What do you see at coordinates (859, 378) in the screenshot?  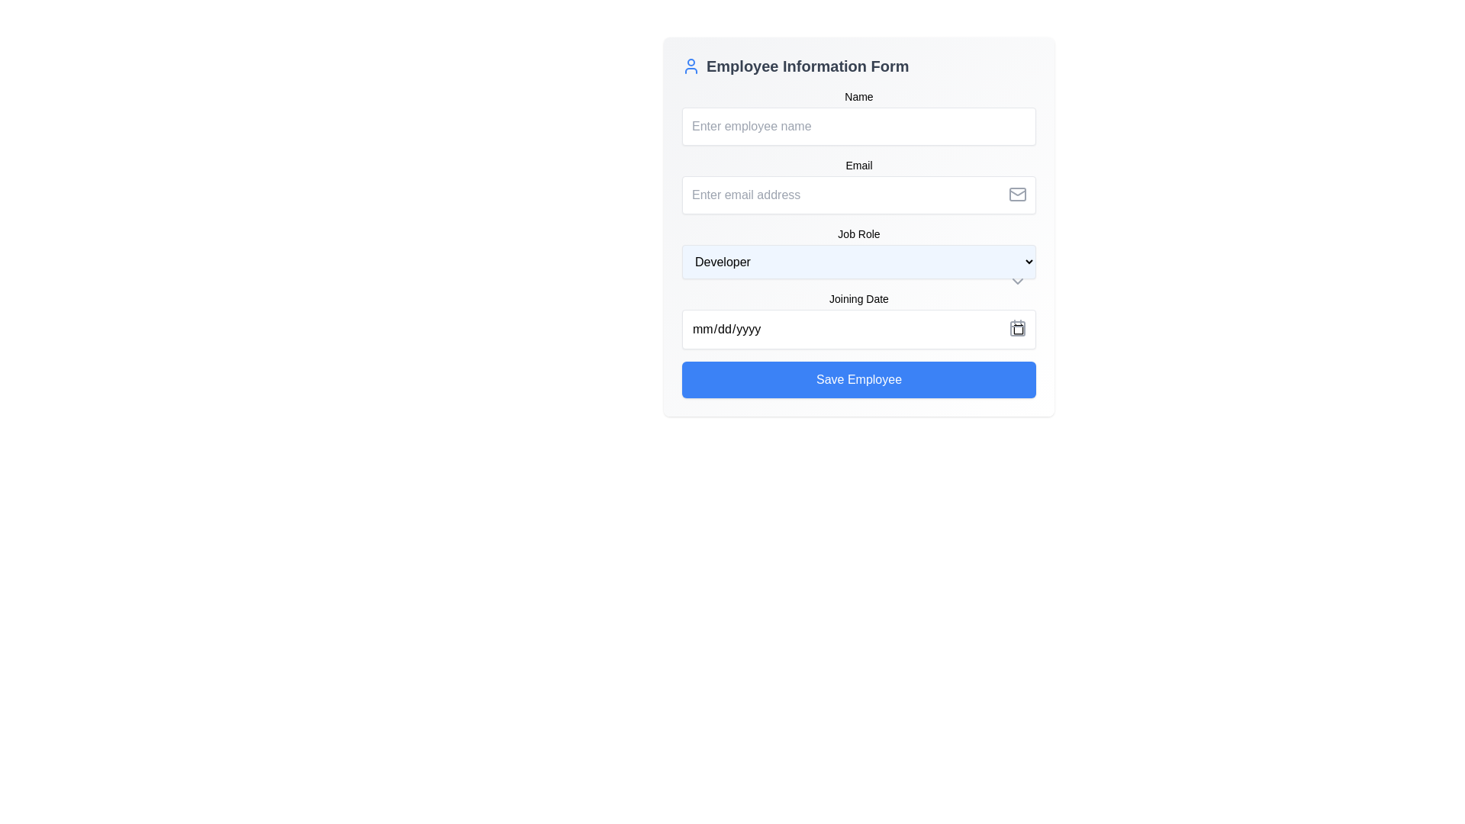 I see `the save button located at the bottom of the form layout` at bounding box center [859, 378].